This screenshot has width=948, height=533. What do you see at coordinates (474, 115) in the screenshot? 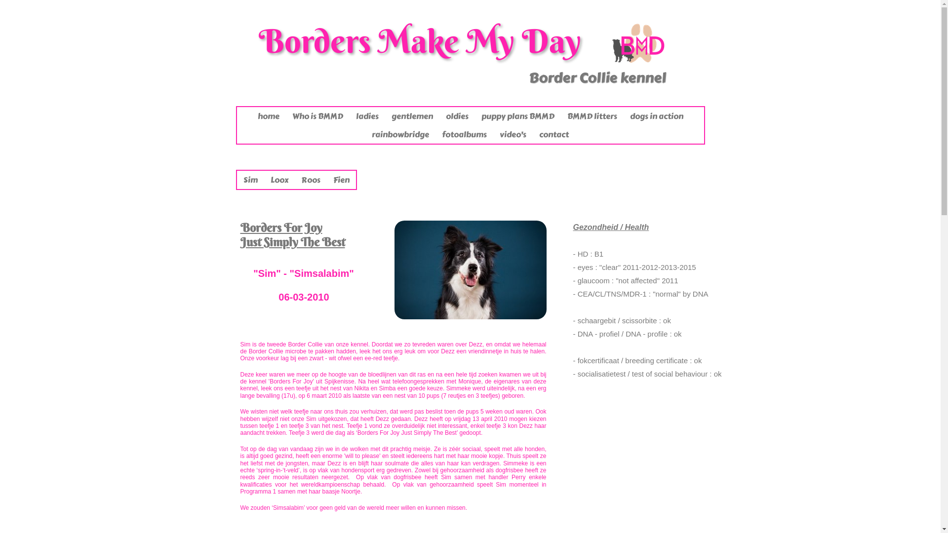
I see `'puppy plans BMMD'` at bounding box center [474, 115].